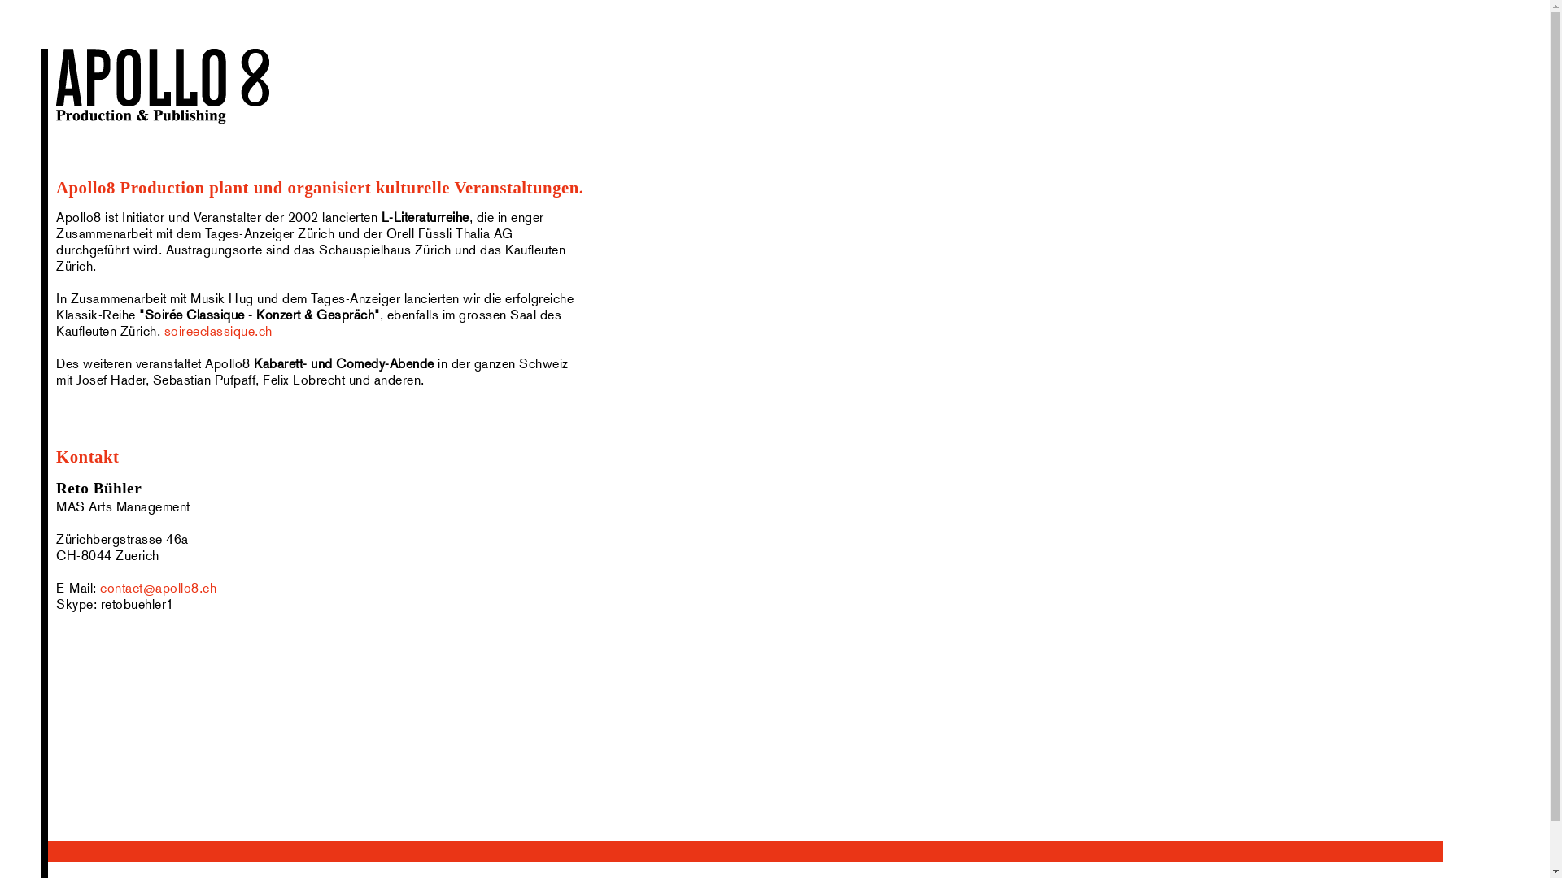  Describe the element at coordinates (217, 330) in the screenshot. I see `'soireeclassique.ch'` at that location.